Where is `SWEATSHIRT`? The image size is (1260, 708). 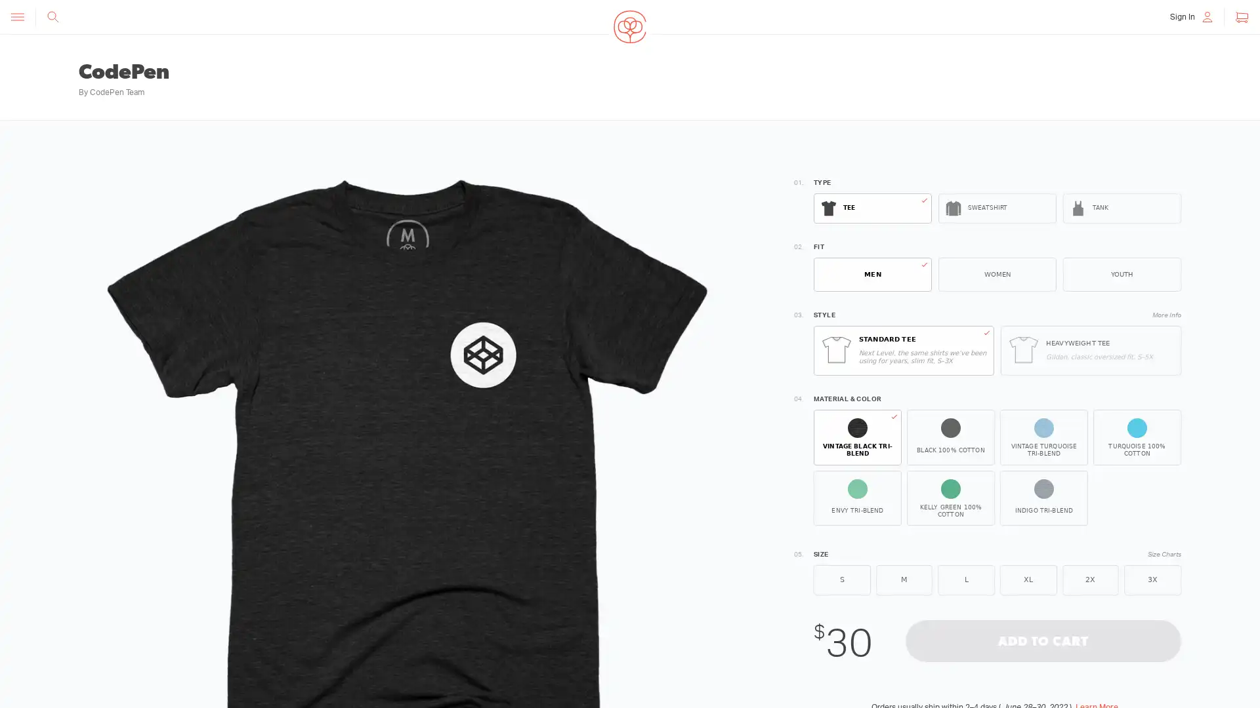
SWEATSHIRT is located at coordinates (997, 207).